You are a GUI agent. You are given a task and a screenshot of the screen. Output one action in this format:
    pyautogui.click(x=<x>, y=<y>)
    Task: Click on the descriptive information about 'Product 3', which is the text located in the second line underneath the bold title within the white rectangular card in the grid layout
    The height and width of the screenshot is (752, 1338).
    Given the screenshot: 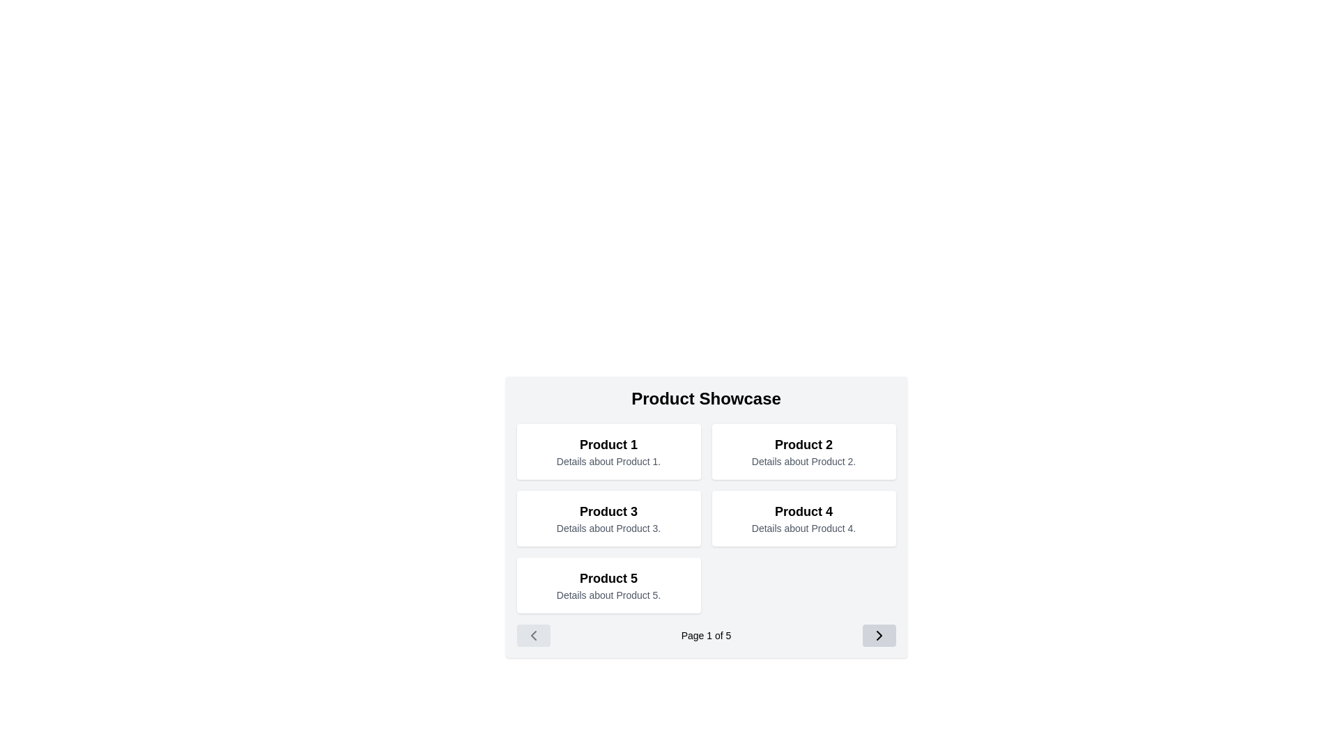 What is the action you would take?
    pyautogui.click(x=608, y=528)
    